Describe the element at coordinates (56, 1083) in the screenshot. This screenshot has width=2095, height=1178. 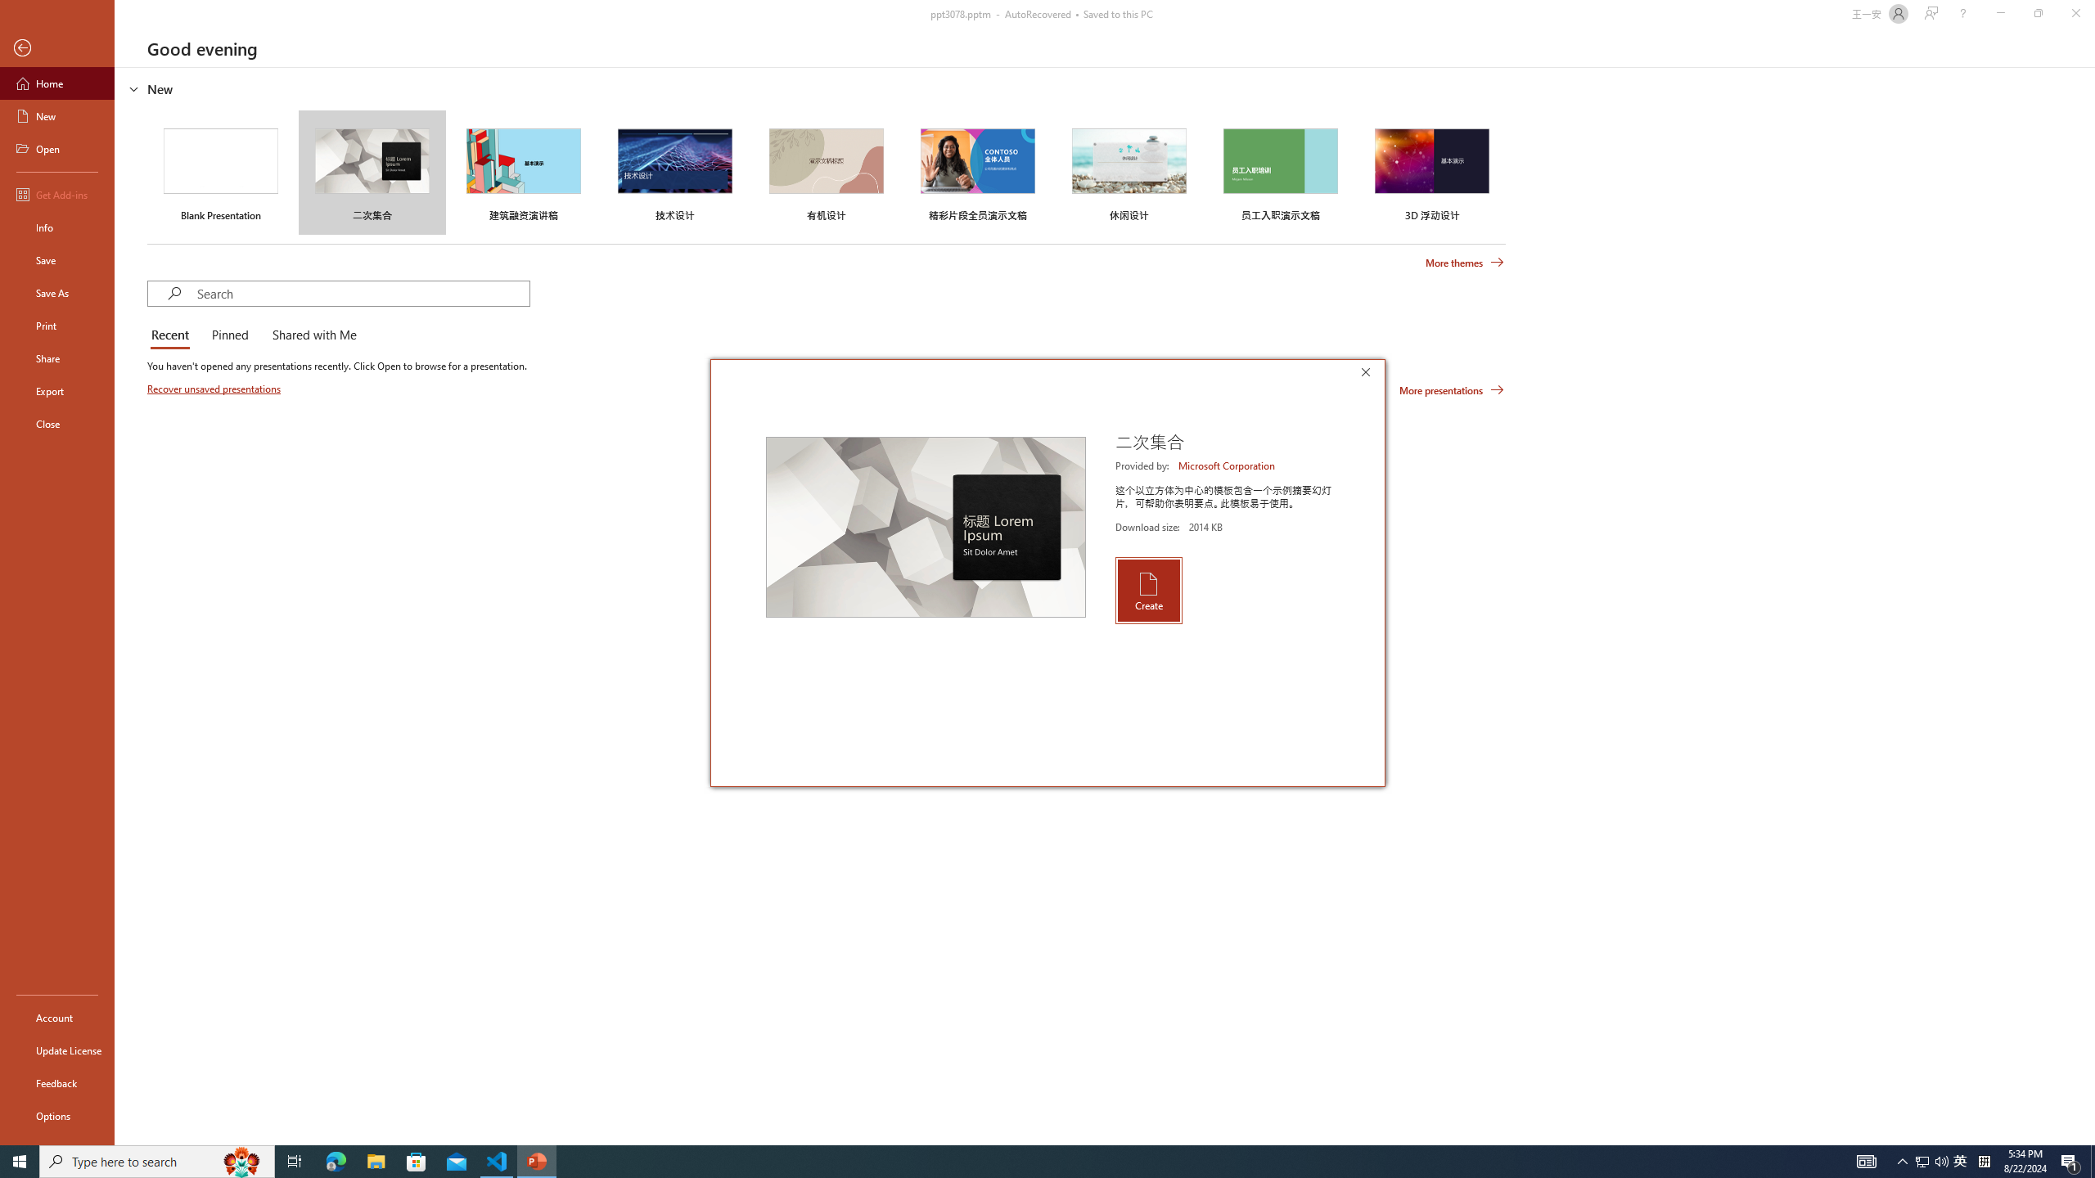
I see `'Feedback'` at that location.